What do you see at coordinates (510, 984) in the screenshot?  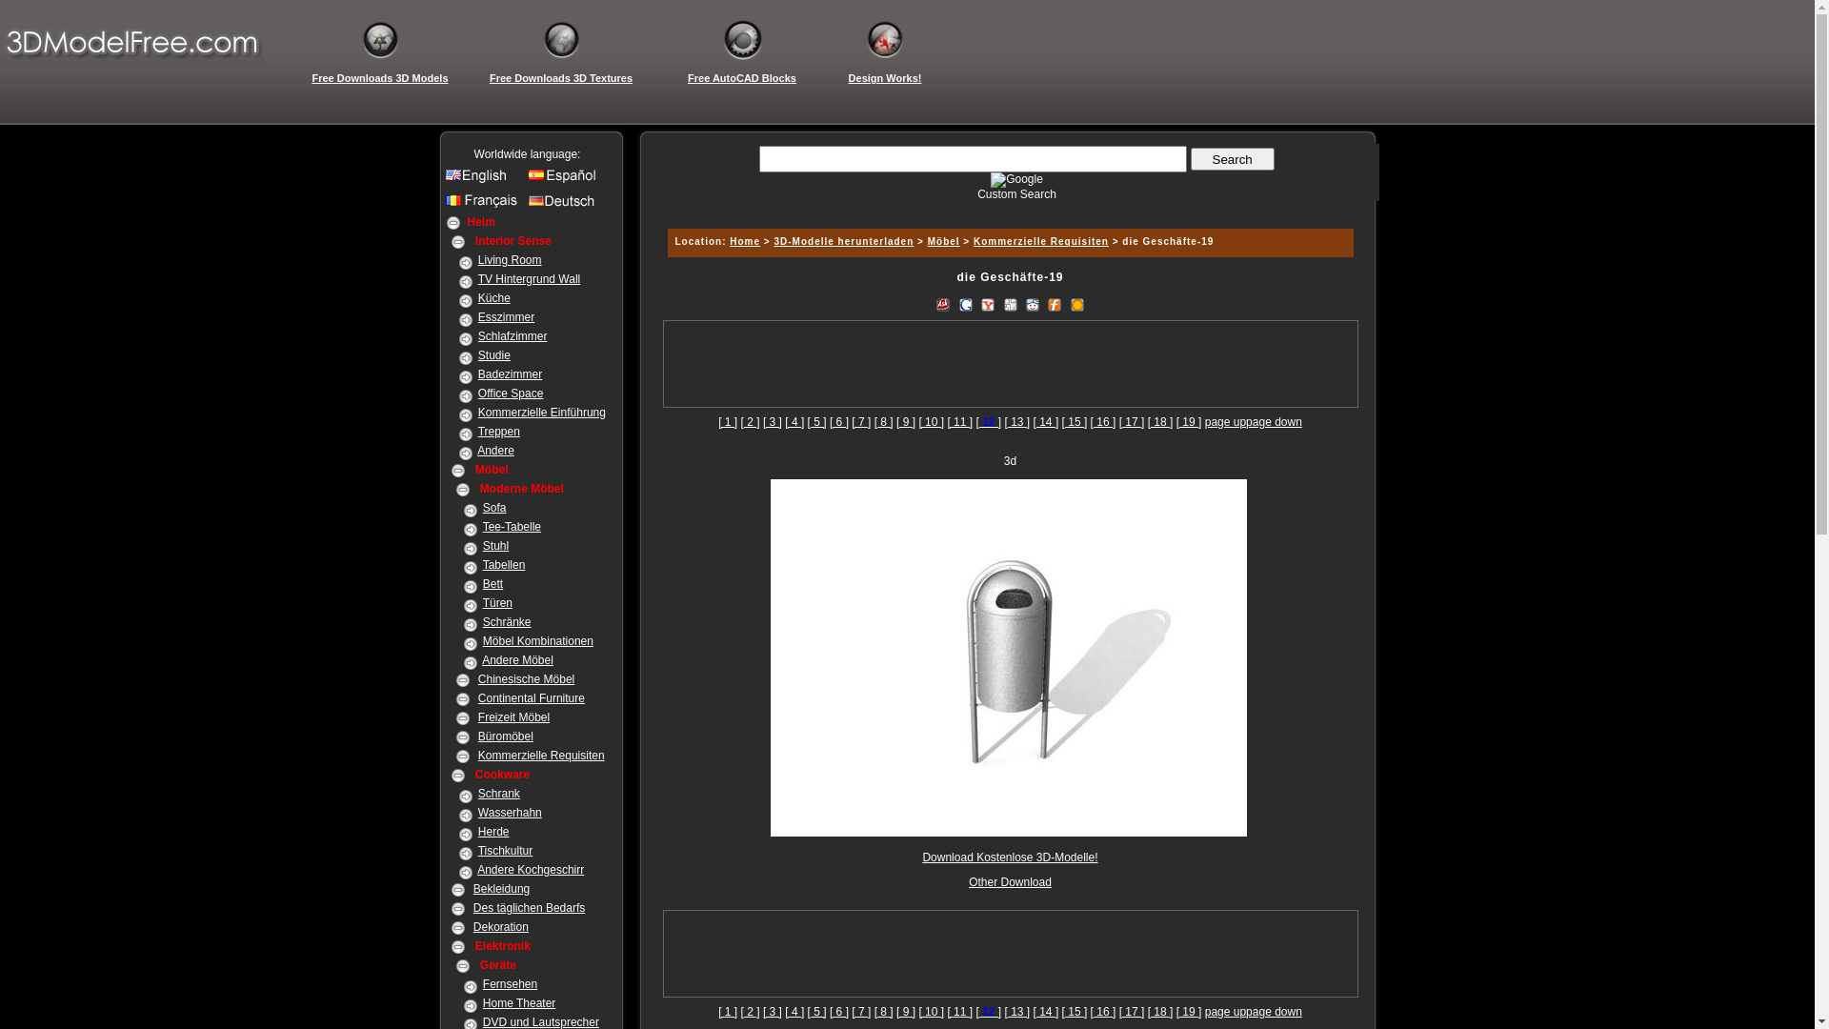 I see `'Fernsehen'` at bounding box center [510, 984].